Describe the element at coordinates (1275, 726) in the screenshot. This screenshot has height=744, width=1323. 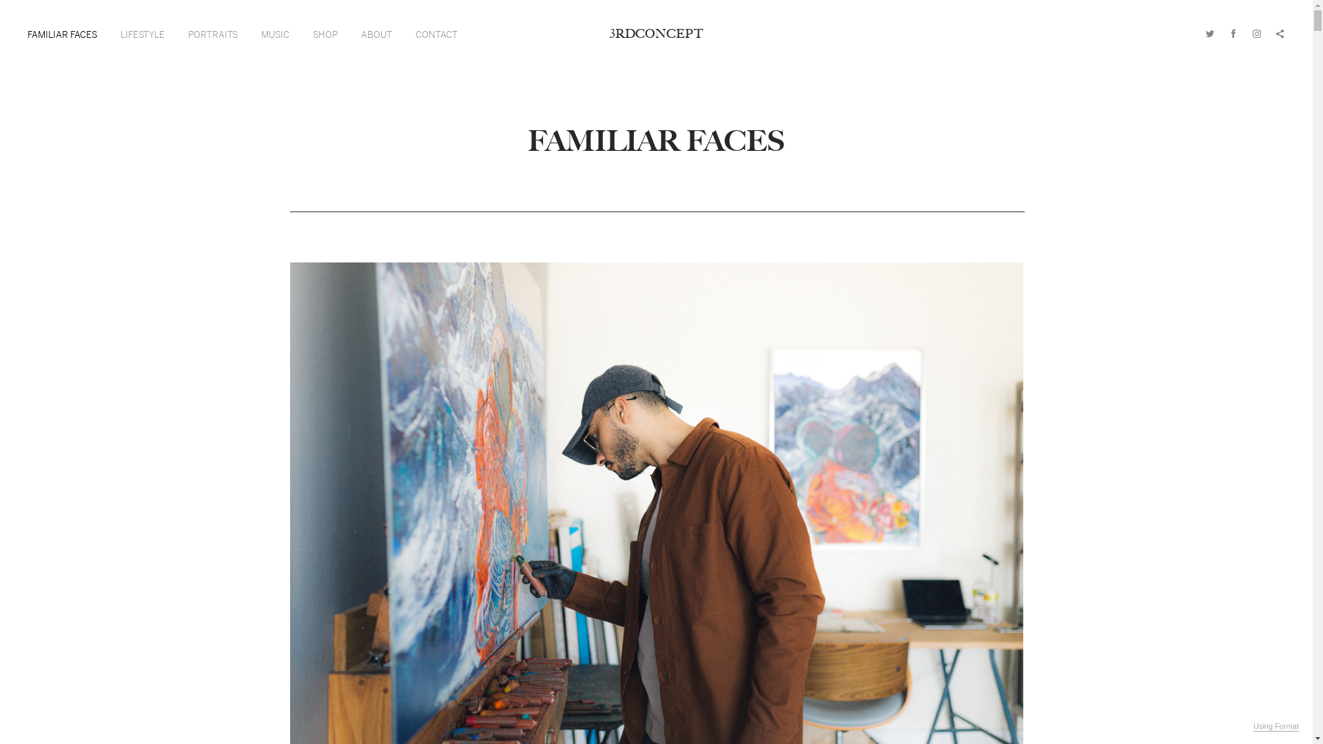
I see `'Using Format'` at that location.